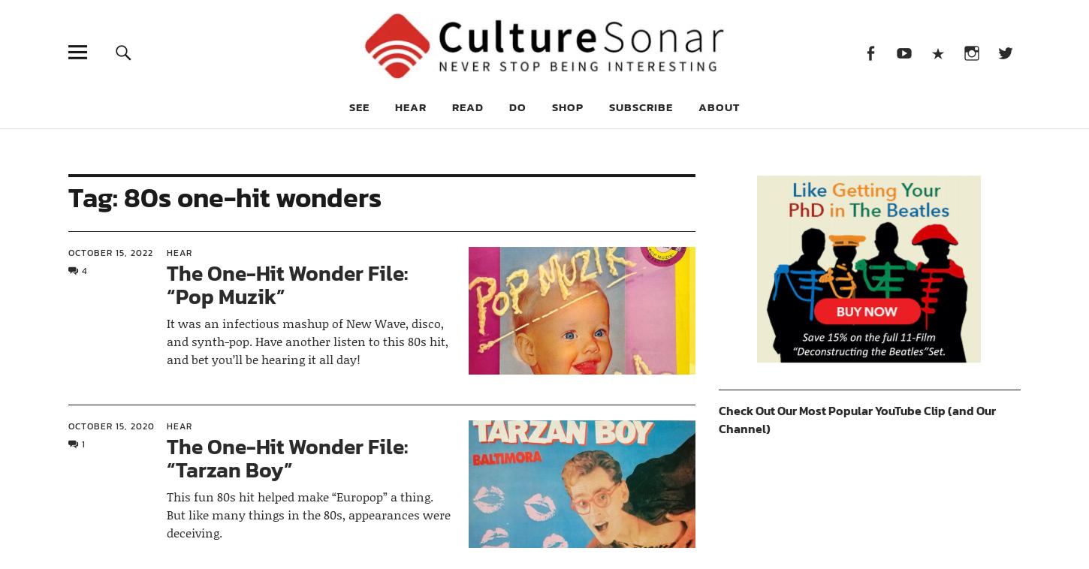 Image resolution: width=1089 pixels, height=569 pixels. What do you see at coordinates (81, 444) in the screenshot?
I see `'1'` at bounding box center [81, 444].